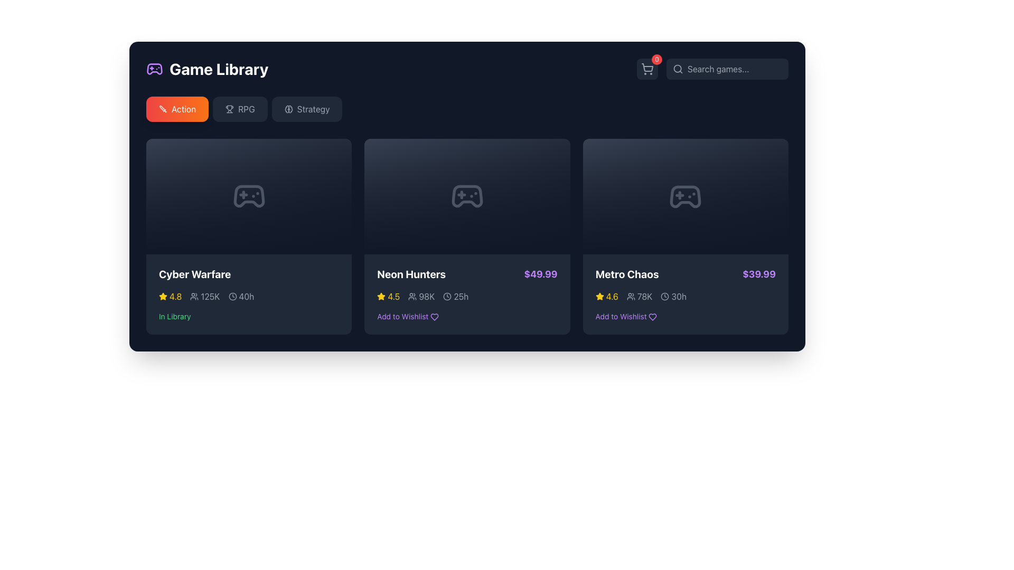 This screenshot has width=1014, height=570. I want to click on the 'Cyber Warfare' game icon located at the upper section of the card, which is the leftmost card among three similar game listing cards, so click(248, 196).